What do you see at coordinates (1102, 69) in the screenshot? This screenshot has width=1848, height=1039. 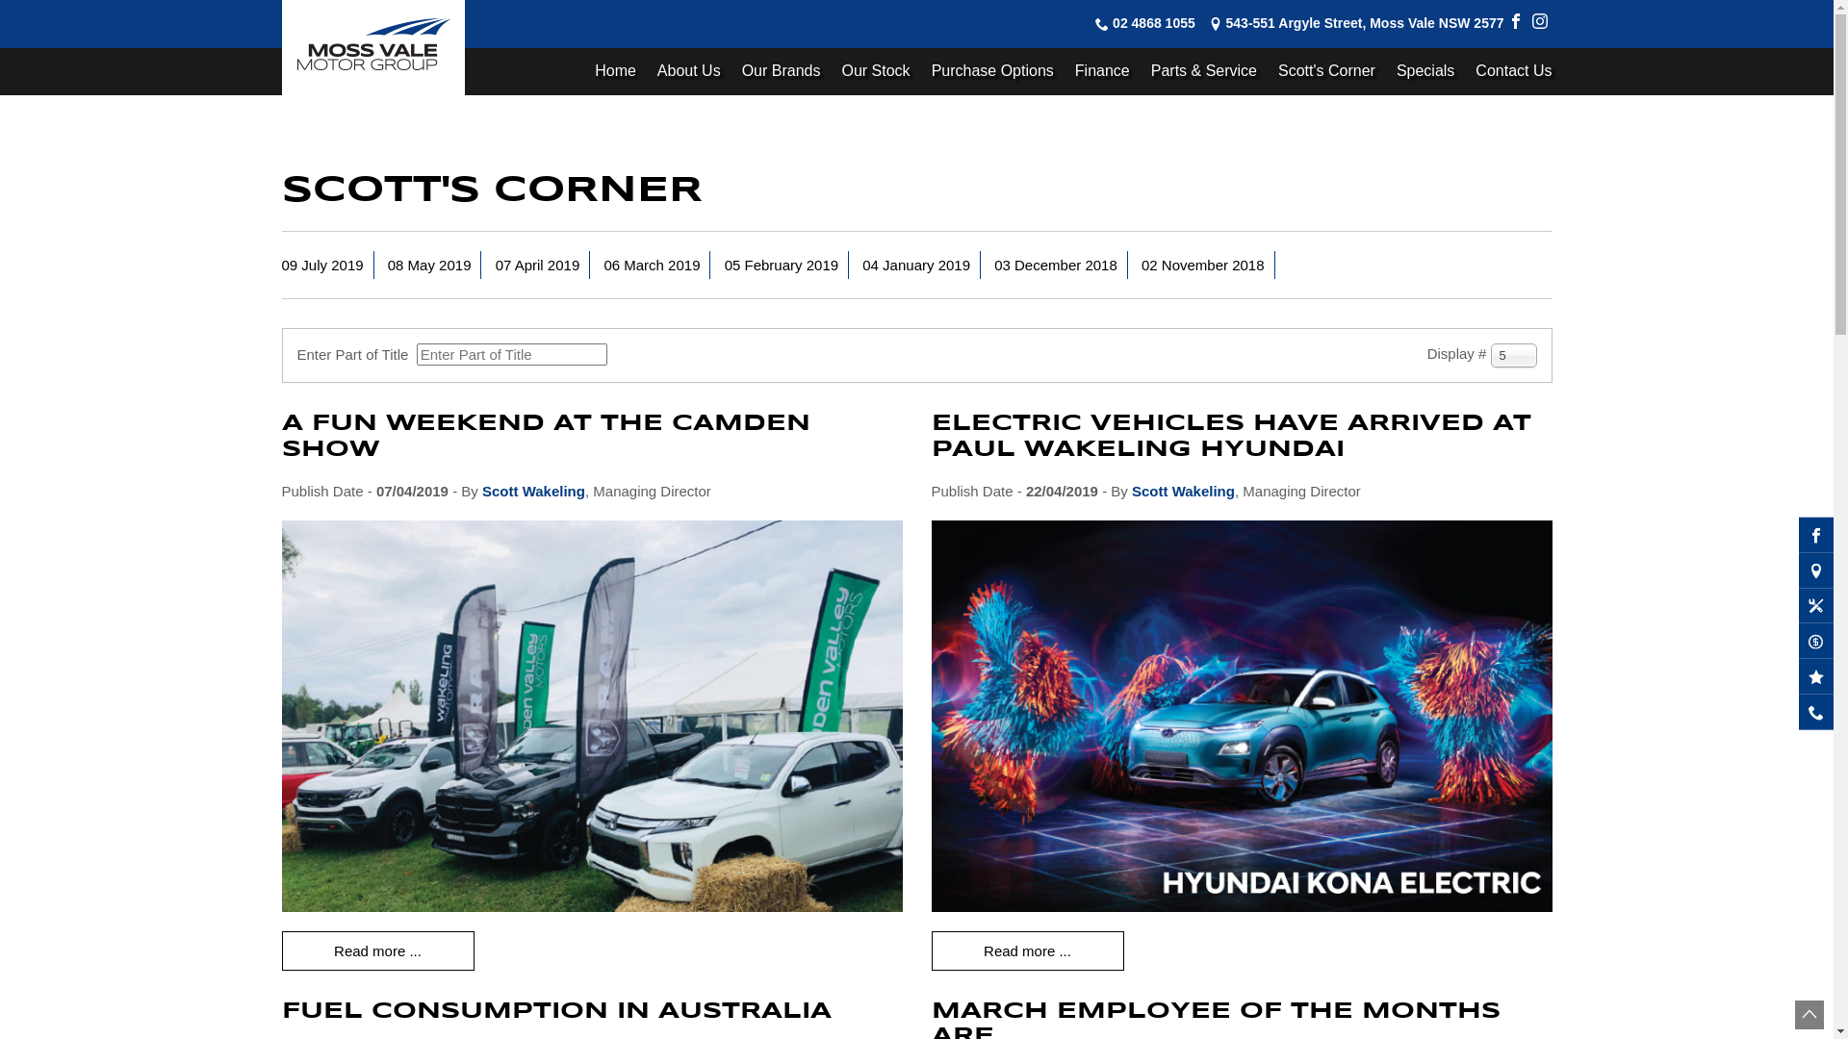 I see `'Finance'` at bounding box center [1102, 69].